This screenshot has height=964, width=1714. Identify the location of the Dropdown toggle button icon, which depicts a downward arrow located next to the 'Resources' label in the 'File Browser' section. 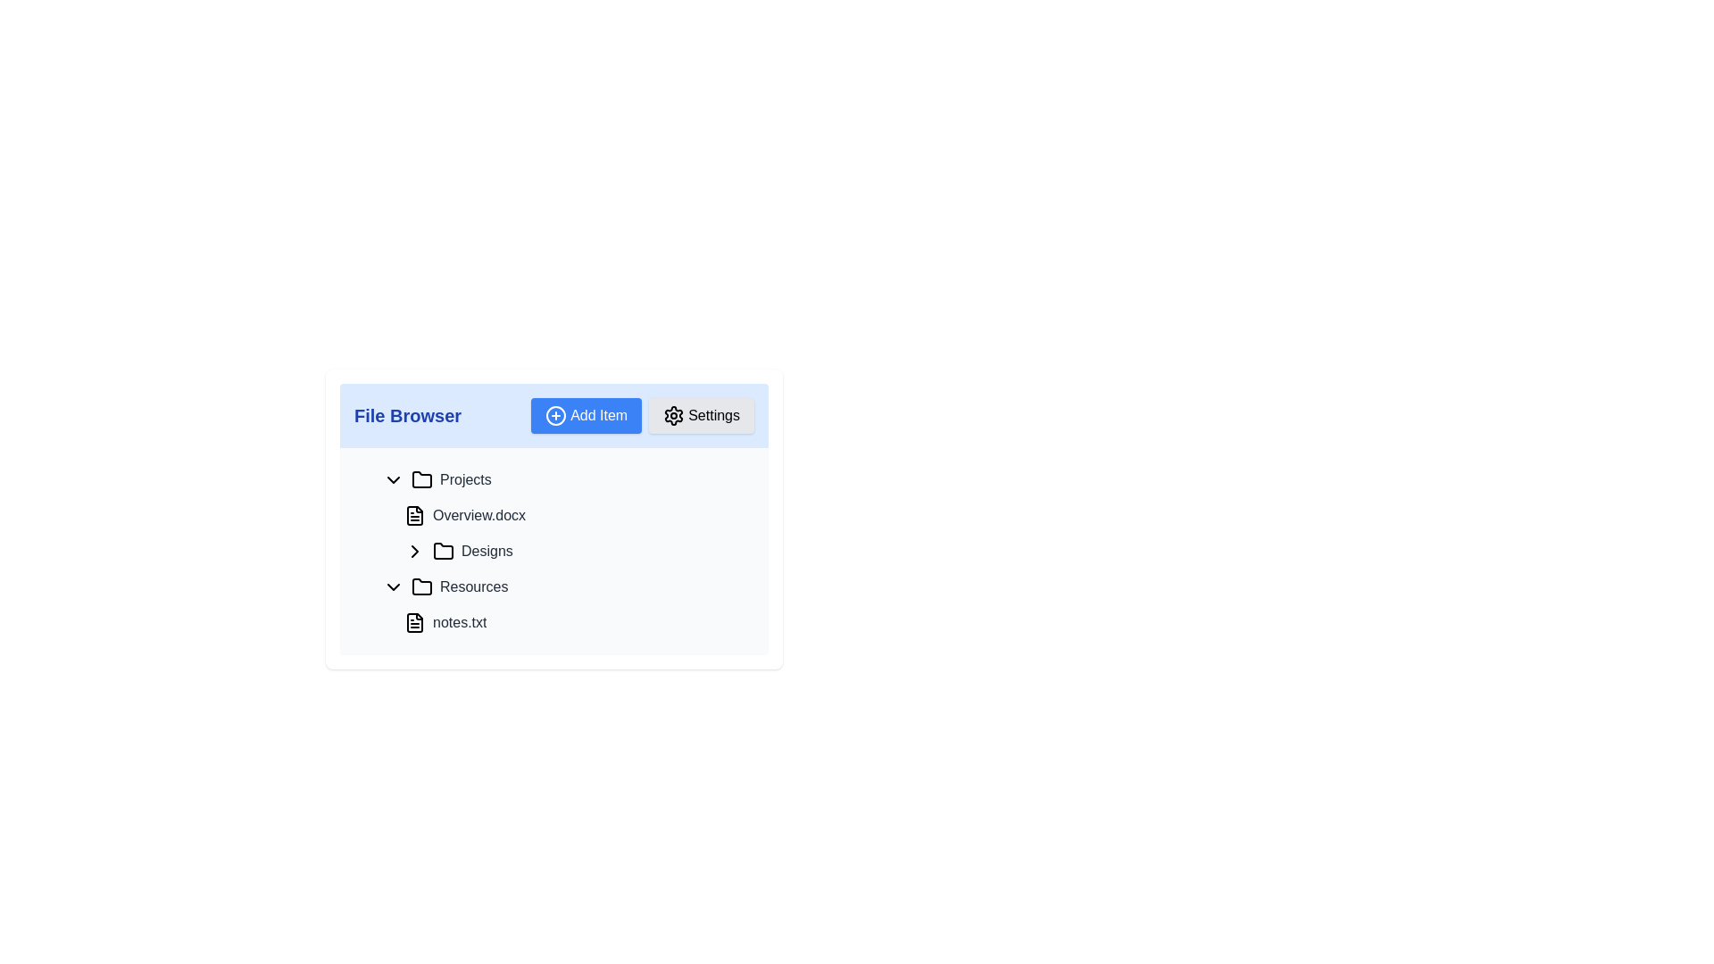
(393, 587).